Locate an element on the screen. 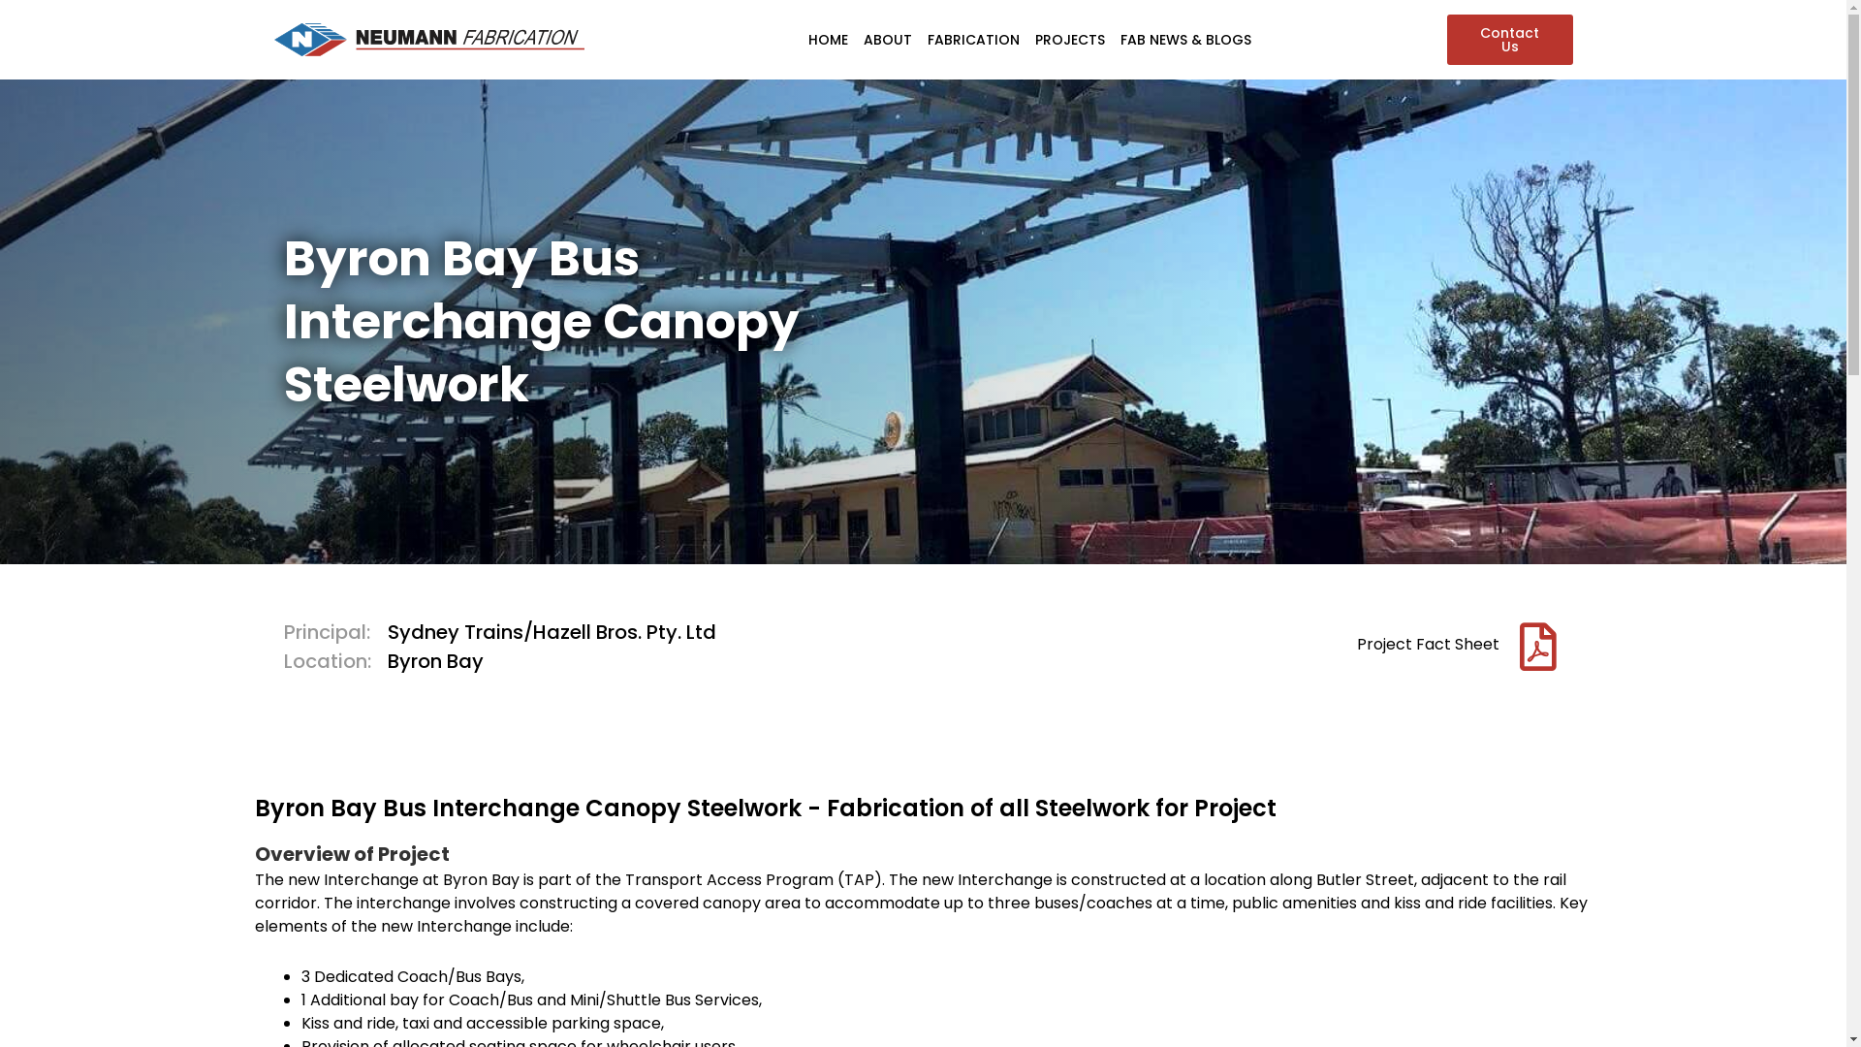  'Project Fact Sheet' is located at coordinates (1428, 644).